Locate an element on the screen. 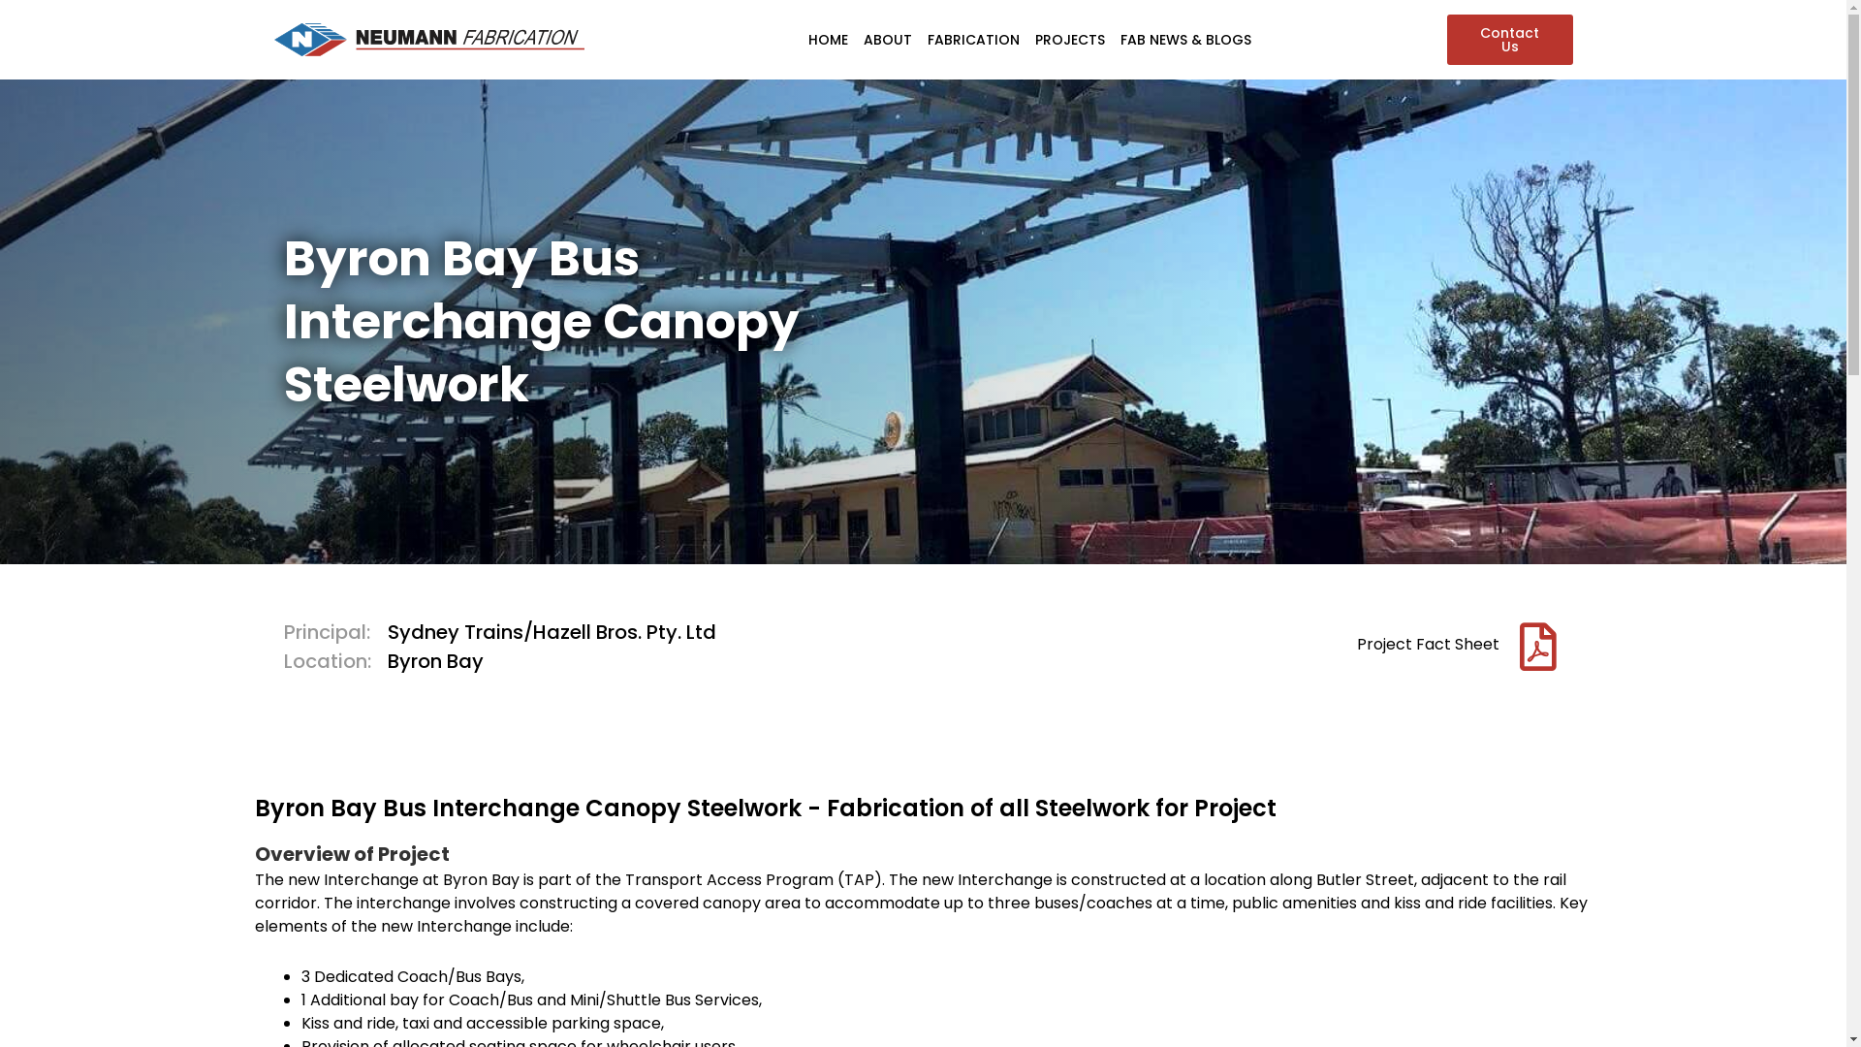  'Project Fact Sheet' is located at coordinates (1428, 644).